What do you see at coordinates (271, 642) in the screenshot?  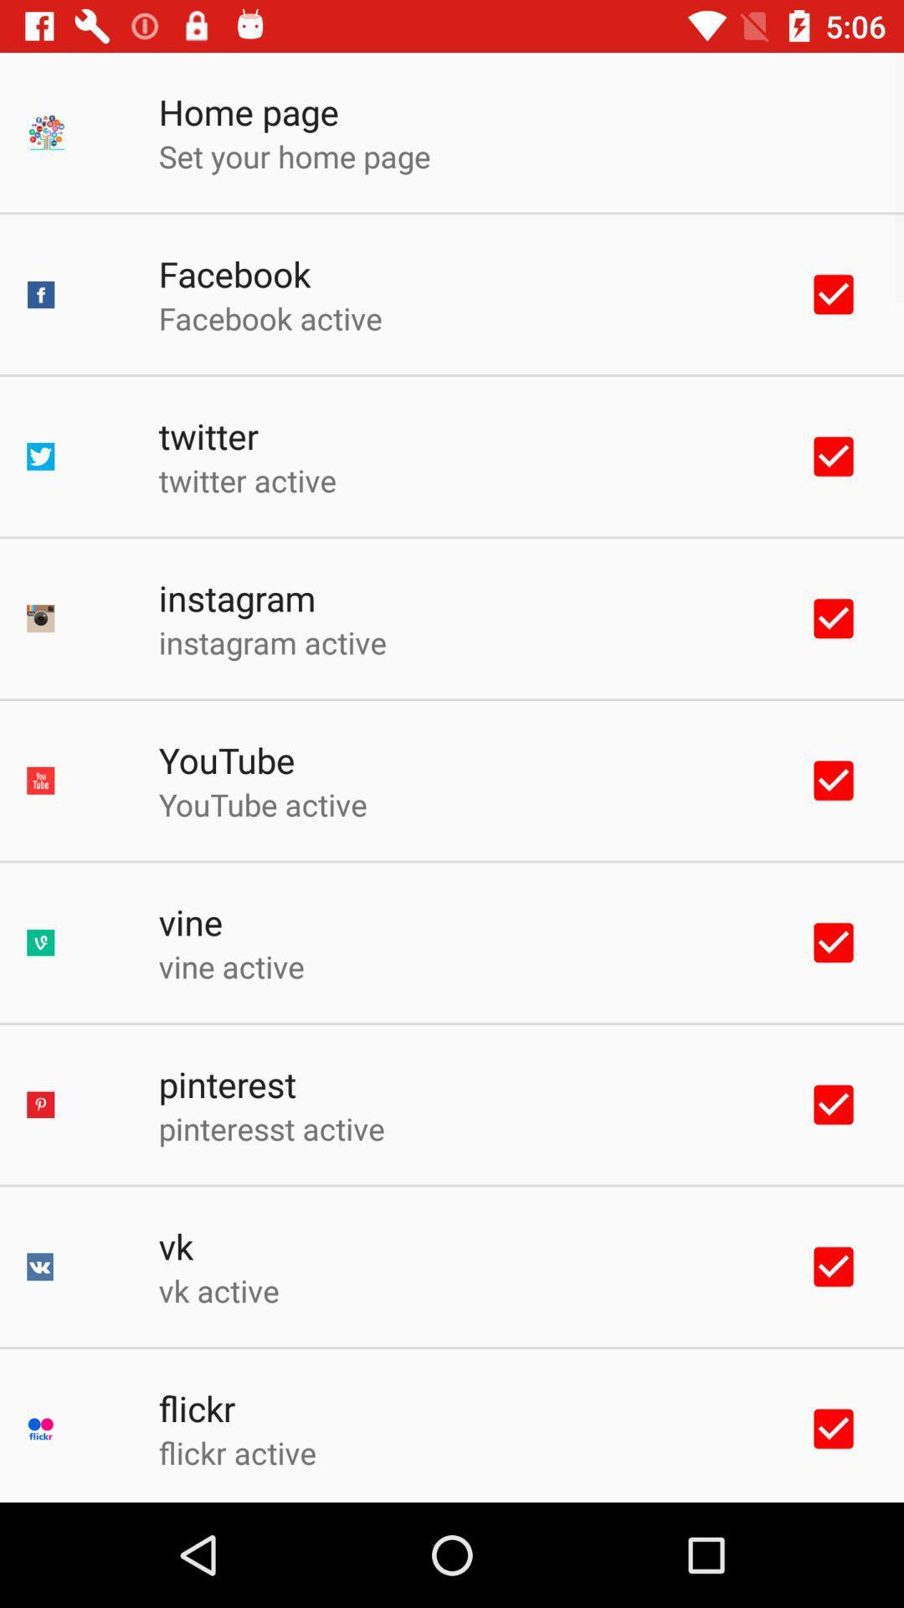 I see `instagram active icon` at bounding box center [271, 642].